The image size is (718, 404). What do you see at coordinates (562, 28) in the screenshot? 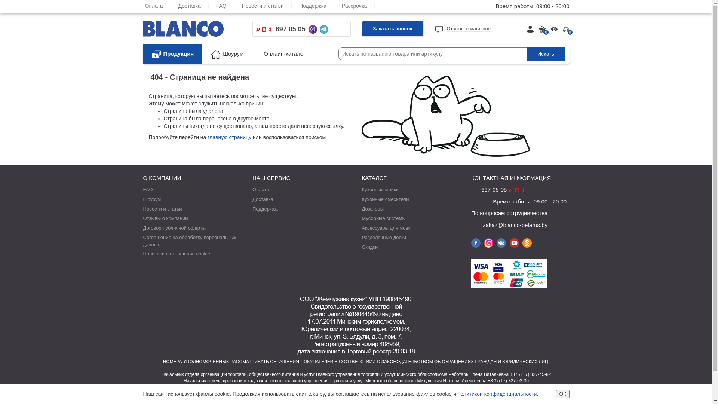
I see `'0'` at bounding box center [562, 28].